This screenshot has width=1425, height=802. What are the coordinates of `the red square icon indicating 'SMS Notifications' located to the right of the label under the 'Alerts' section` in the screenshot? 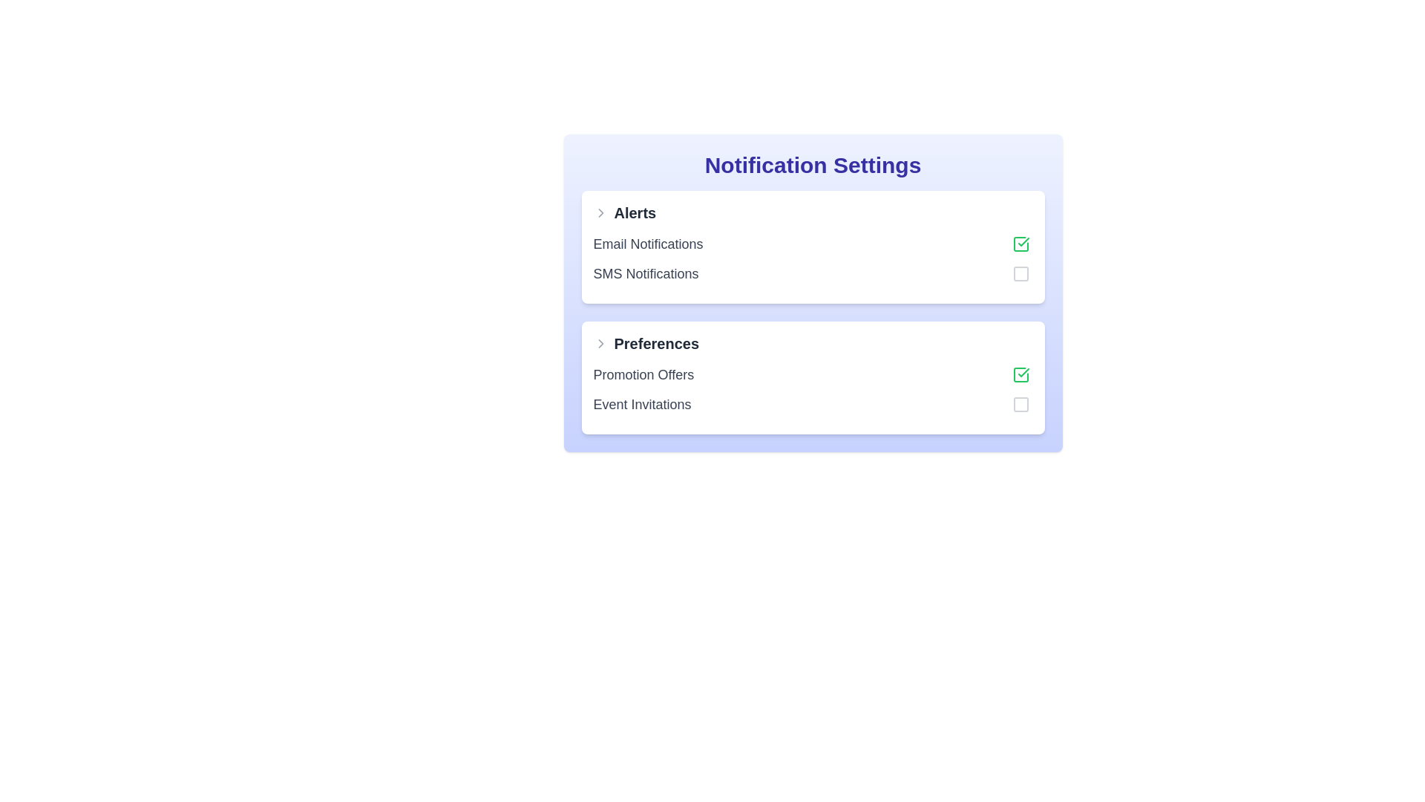 It's located at (1020, 274).